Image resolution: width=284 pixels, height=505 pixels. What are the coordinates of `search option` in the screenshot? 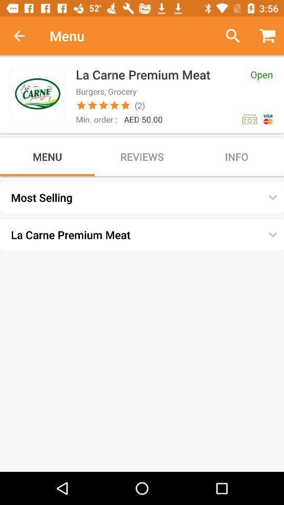 It's located at (228, 36).